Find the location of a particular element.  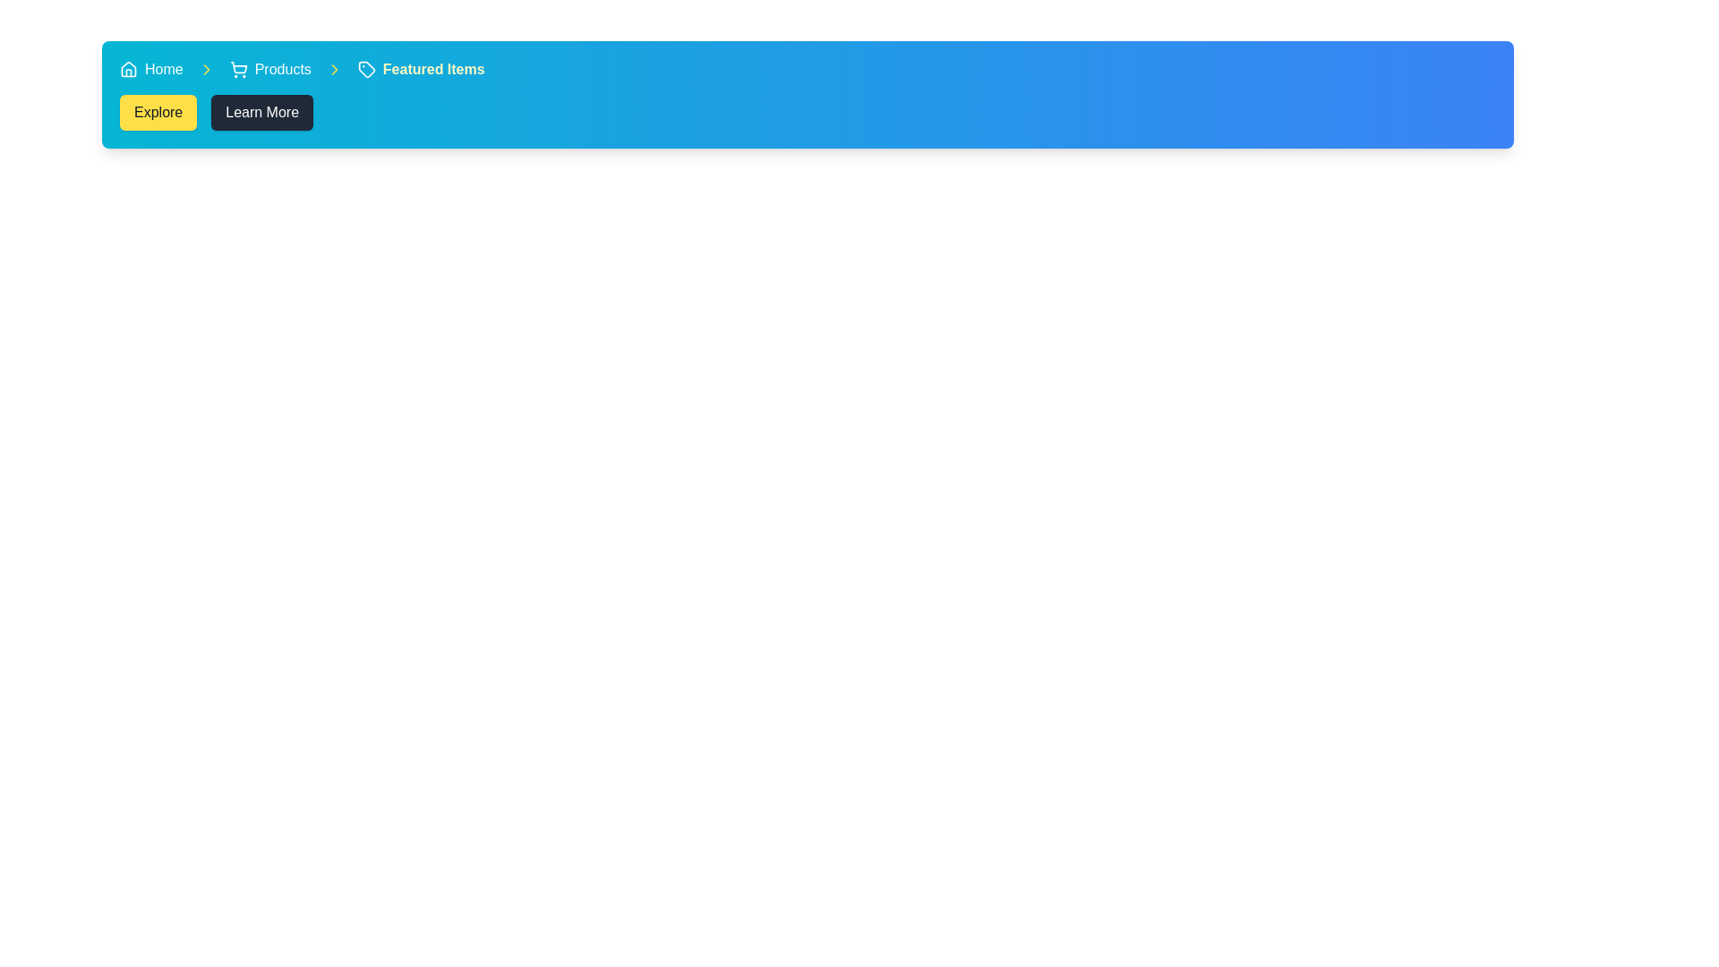

the Chevron icon located between 'Products' and 'Featured Items' in the breadcrumb navigation bar to interact with the related breadcrumb text is located at coordinates (206, 68).